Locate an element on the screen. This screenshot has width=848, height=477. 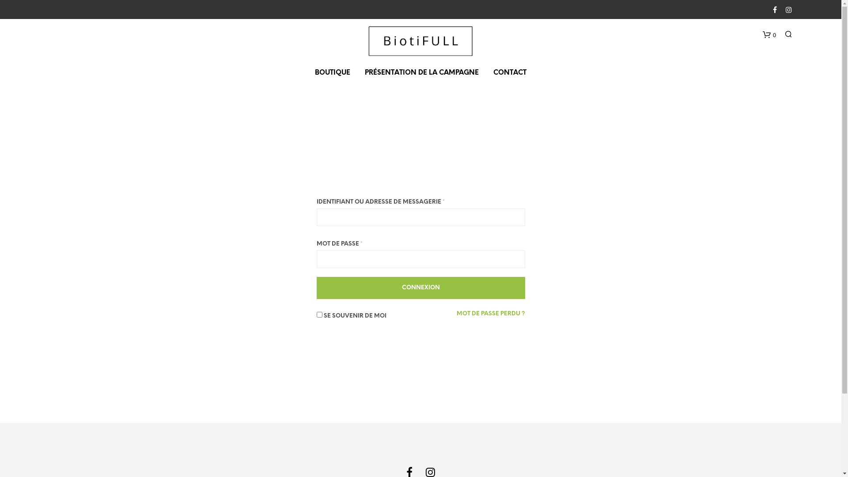
'0' is located at coordinates (768, 34).